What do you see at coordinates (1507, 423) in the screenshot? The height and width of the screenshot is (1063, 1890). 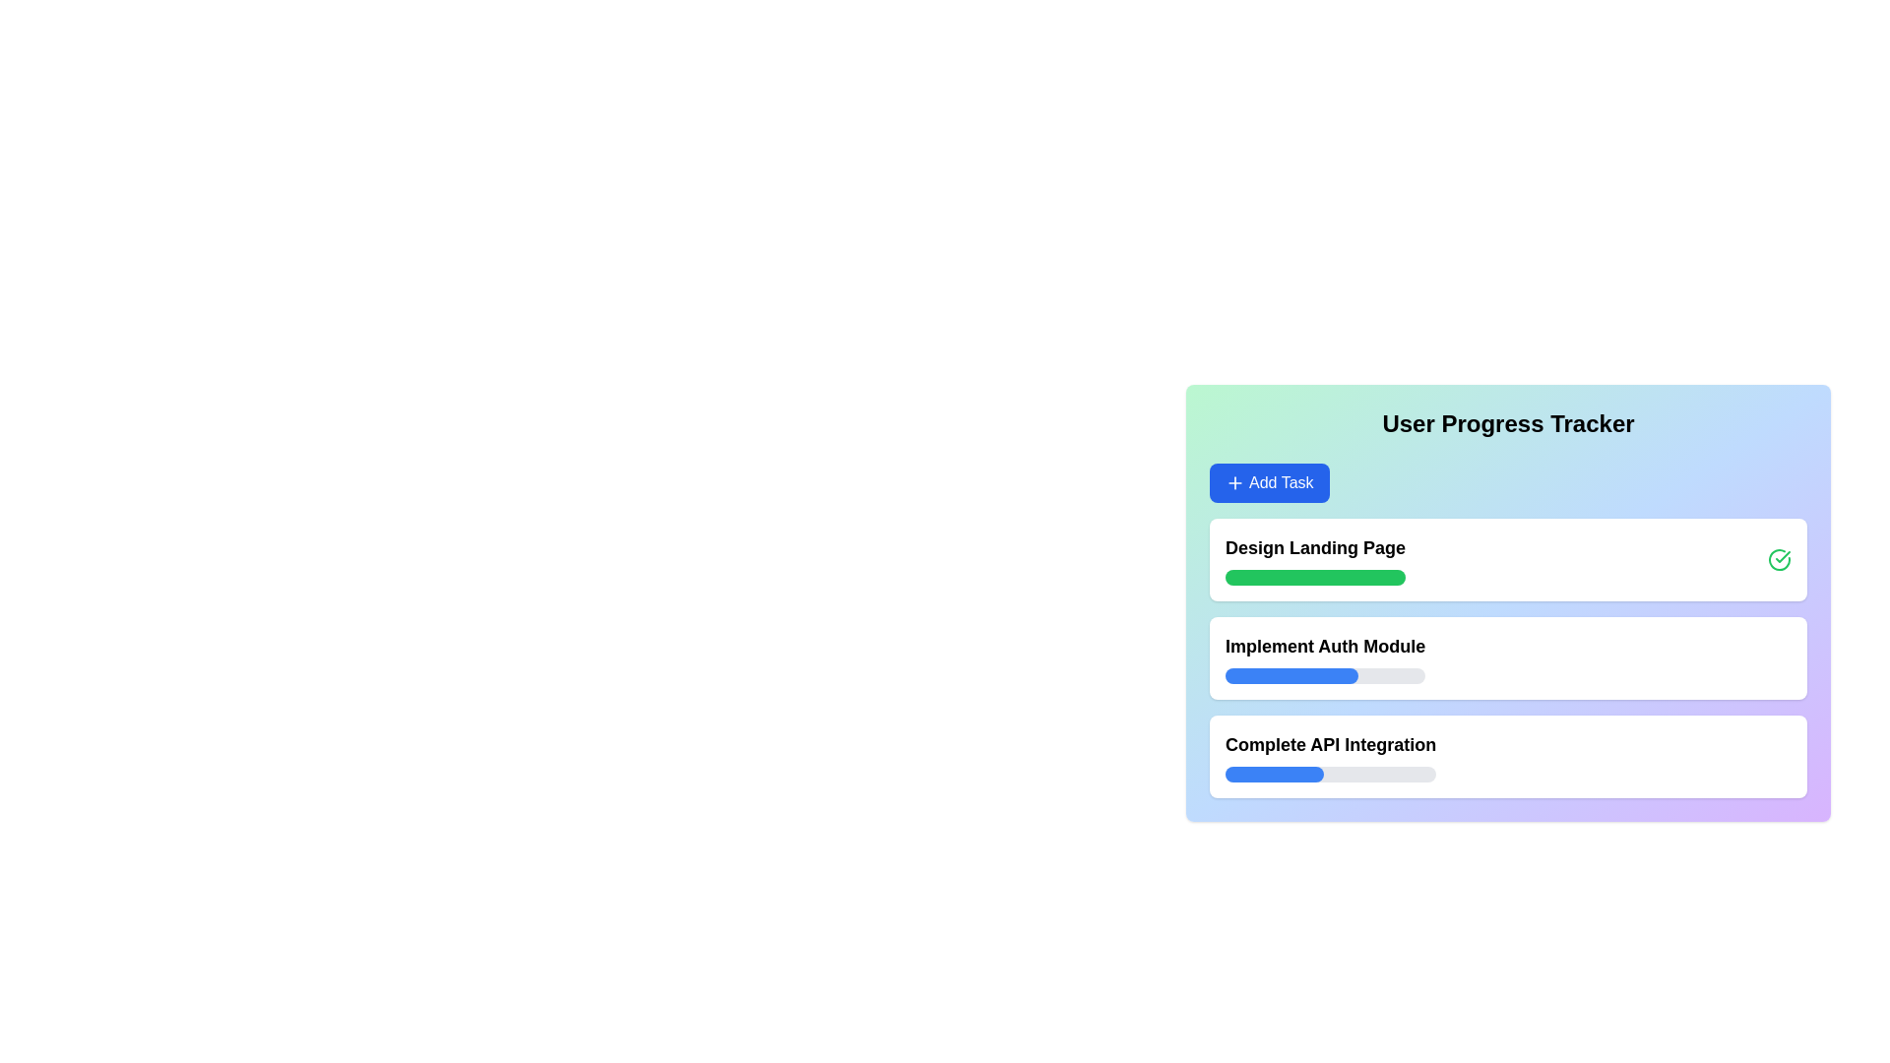 I see `the text label or header that serves as a title for the section, positioned above the 'Add Task' button and progress cards` at bounding box center [1507, 423].